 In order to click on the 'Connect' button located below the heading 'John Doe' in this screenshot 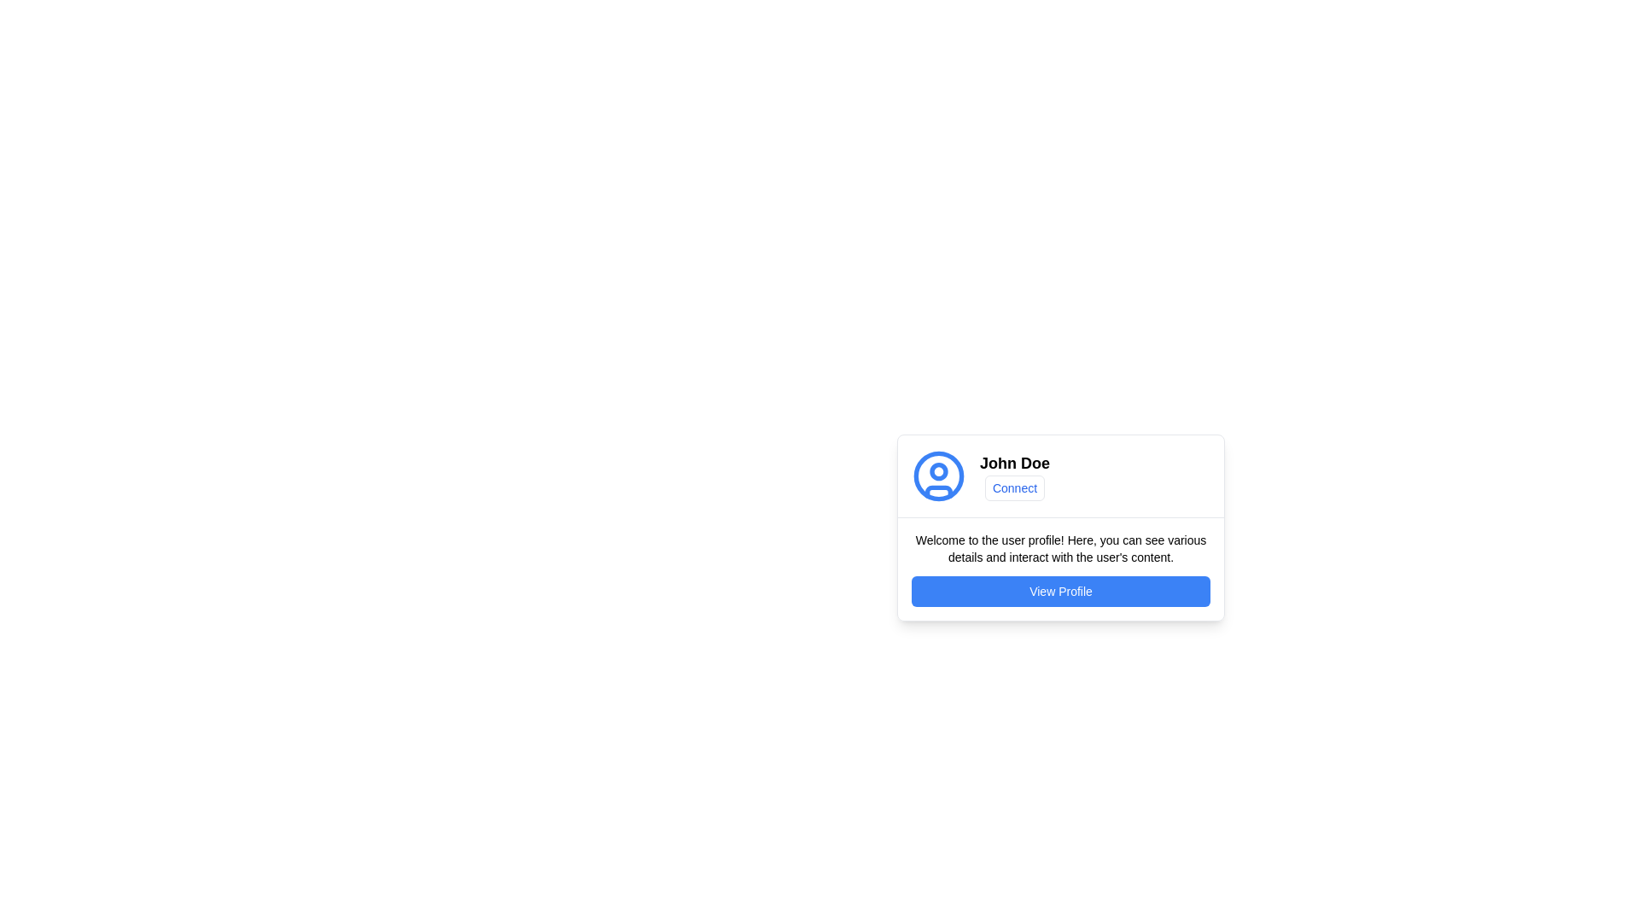, I will do `click(1015, 487)`.